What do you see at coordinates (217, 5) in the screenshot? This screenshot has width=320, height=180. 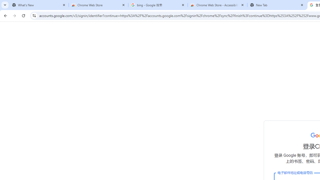 I see `'Chrome Web Store - Accessibility'` at bounding box center [217, 5].